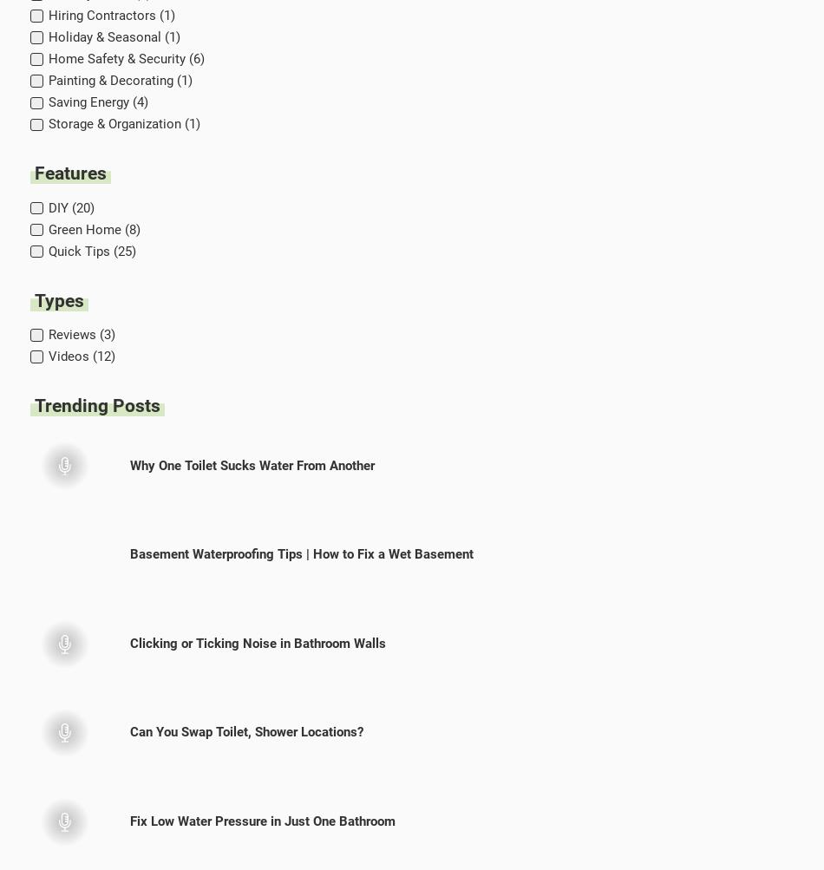  What do you see at coordinates (123, 123) in the screenshot?
I see `'Storage & Organization (1)'` at bounding box center [123, 123].